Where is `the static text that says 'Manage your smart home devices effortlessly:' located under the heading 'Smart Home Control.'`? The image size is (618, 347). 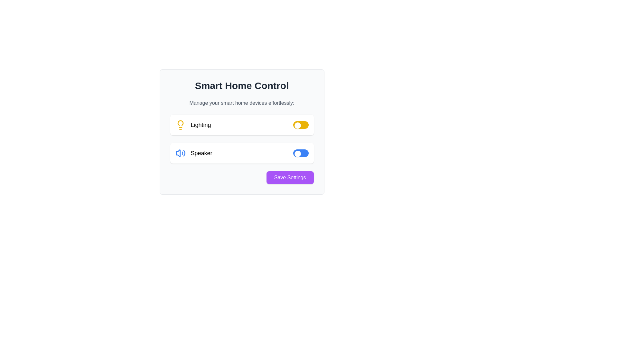
the static text that says 'Manage your smart home devices effortlessly:' located under the heading 'Smart Home Control.' is located at coordinates (241, 102).